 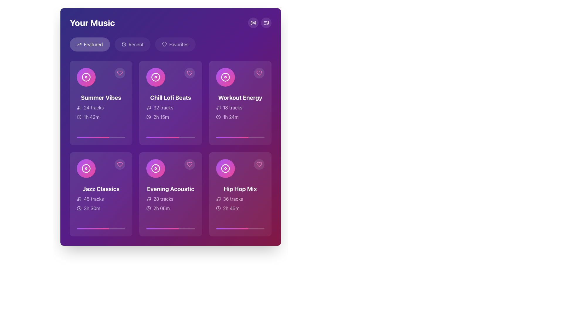 I want to click on the second playlist card in the top row, so click(x=170, y=102).